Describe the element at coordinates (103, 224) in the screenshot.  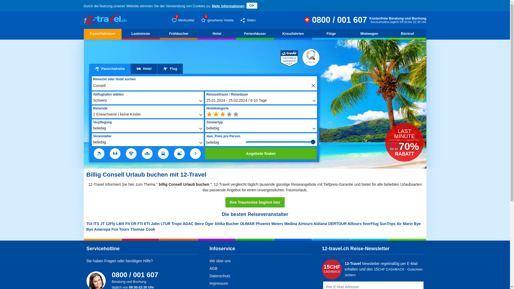
I see `'JT'` at that location.